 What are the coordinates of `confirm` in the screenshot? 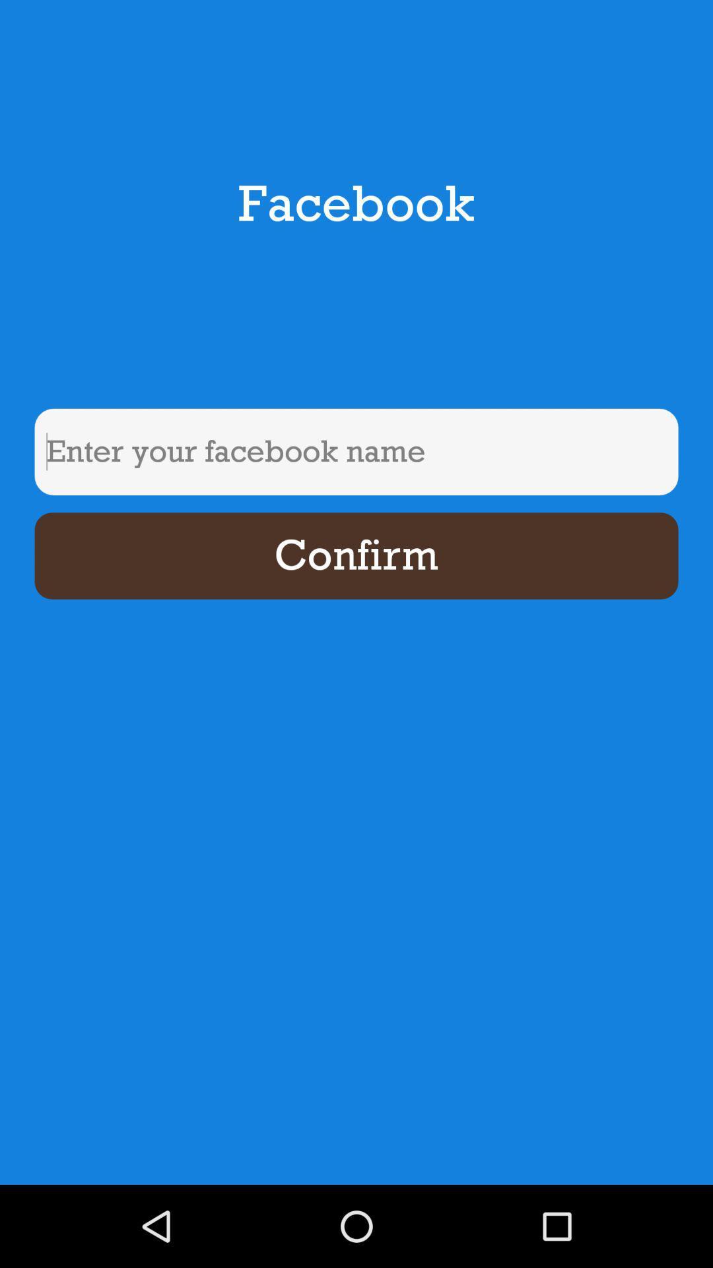 It's located at (356, 555).